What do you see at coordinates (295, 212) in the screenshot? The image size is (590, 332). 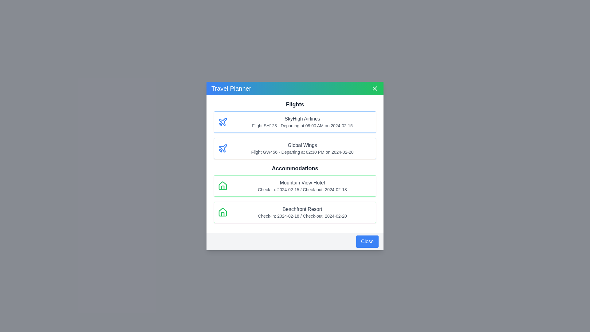 I see `the second list item component displaying details about the booked accommodation, located in the 'Accommodations' section` at bounding box center [295, 212].